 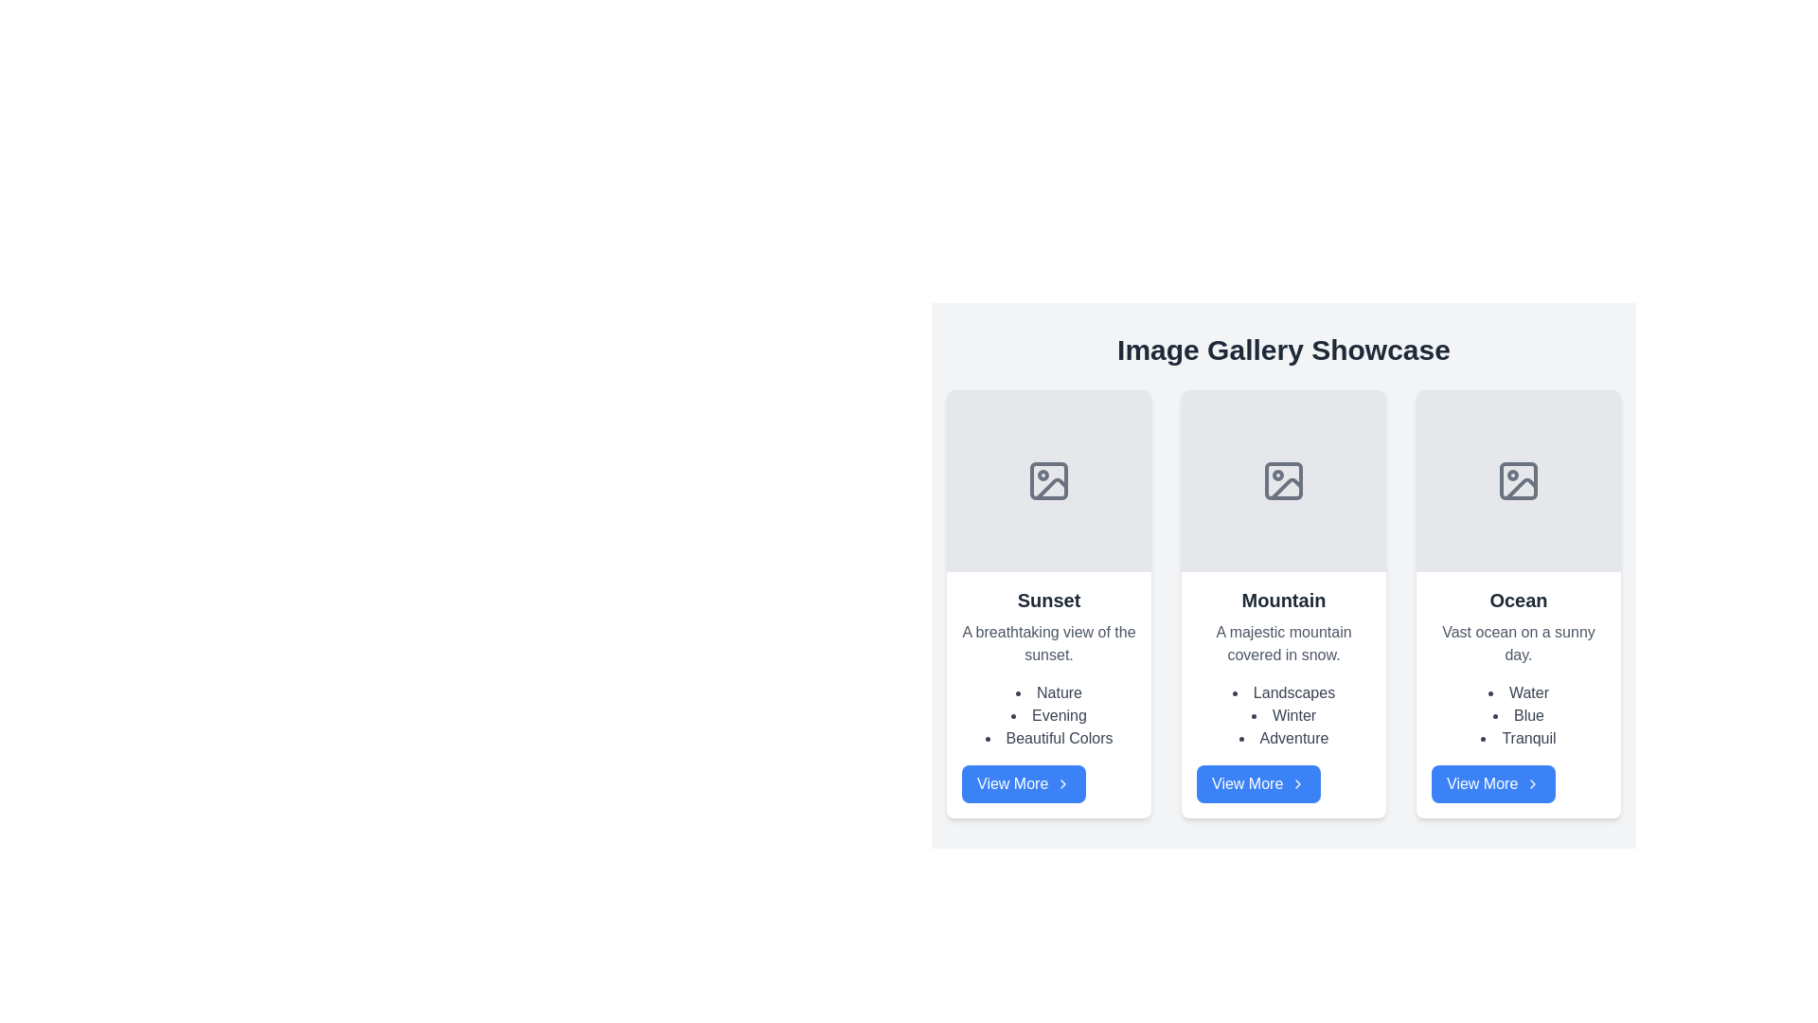 What do you see at coordinates (1048, 693) in the screenshot?
I see `the bullet point item displaying the text 'Nature' under the 'Sunset' category` at bounding box center [1048, 693].